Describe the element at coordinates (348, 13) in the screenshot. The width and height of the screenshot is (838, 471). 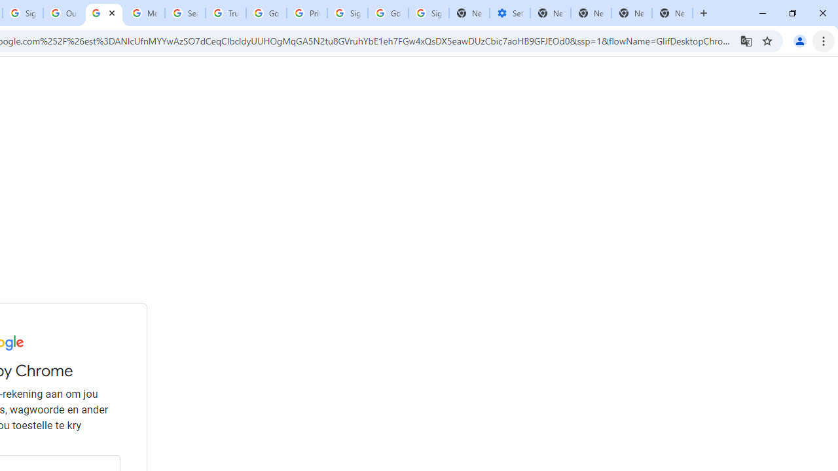
I see `'Sign in - Google Accounts'` at that location.